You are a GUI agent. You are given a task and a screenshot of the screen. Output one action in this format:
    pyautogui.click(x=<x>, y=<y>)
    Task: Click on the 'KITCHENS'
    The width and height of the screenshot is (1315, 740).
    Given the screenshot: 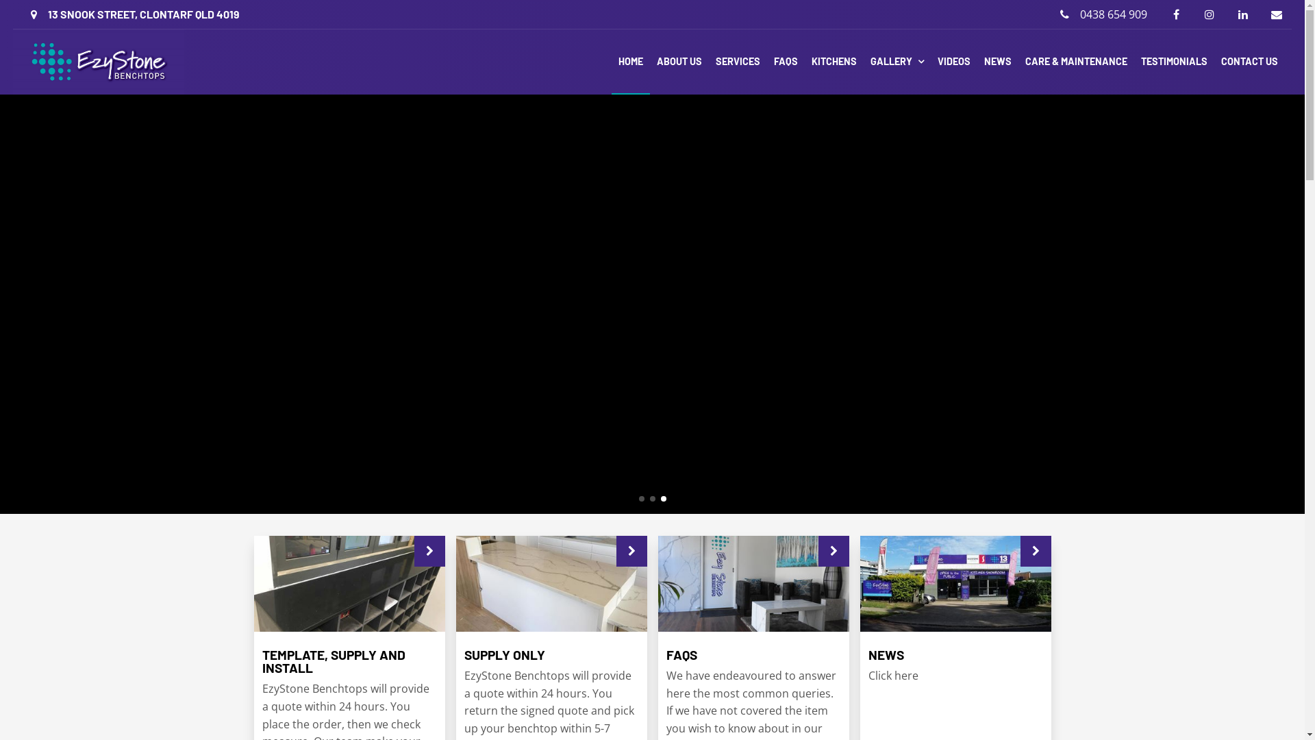 What is the action you would take?
    pyautogui.click(x=834, y=62)
    